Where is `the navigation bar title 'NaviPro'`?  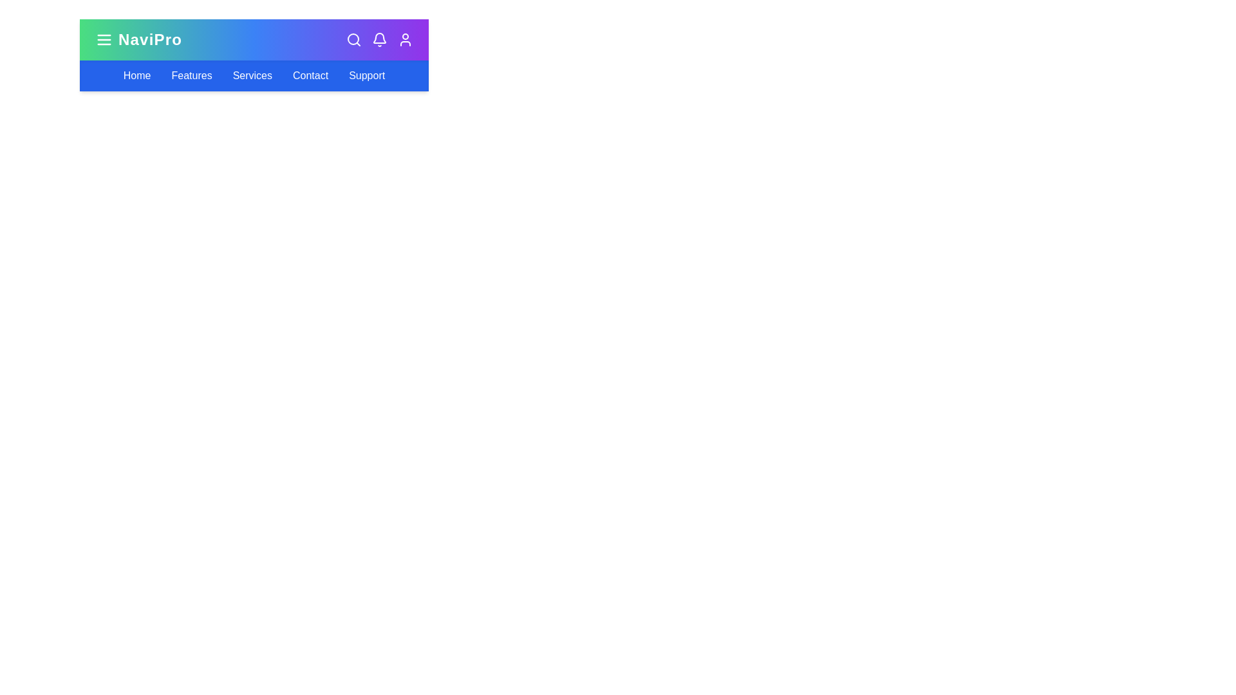 the navigation bar title 'NaviPro' is located at coordinates (138, 39).